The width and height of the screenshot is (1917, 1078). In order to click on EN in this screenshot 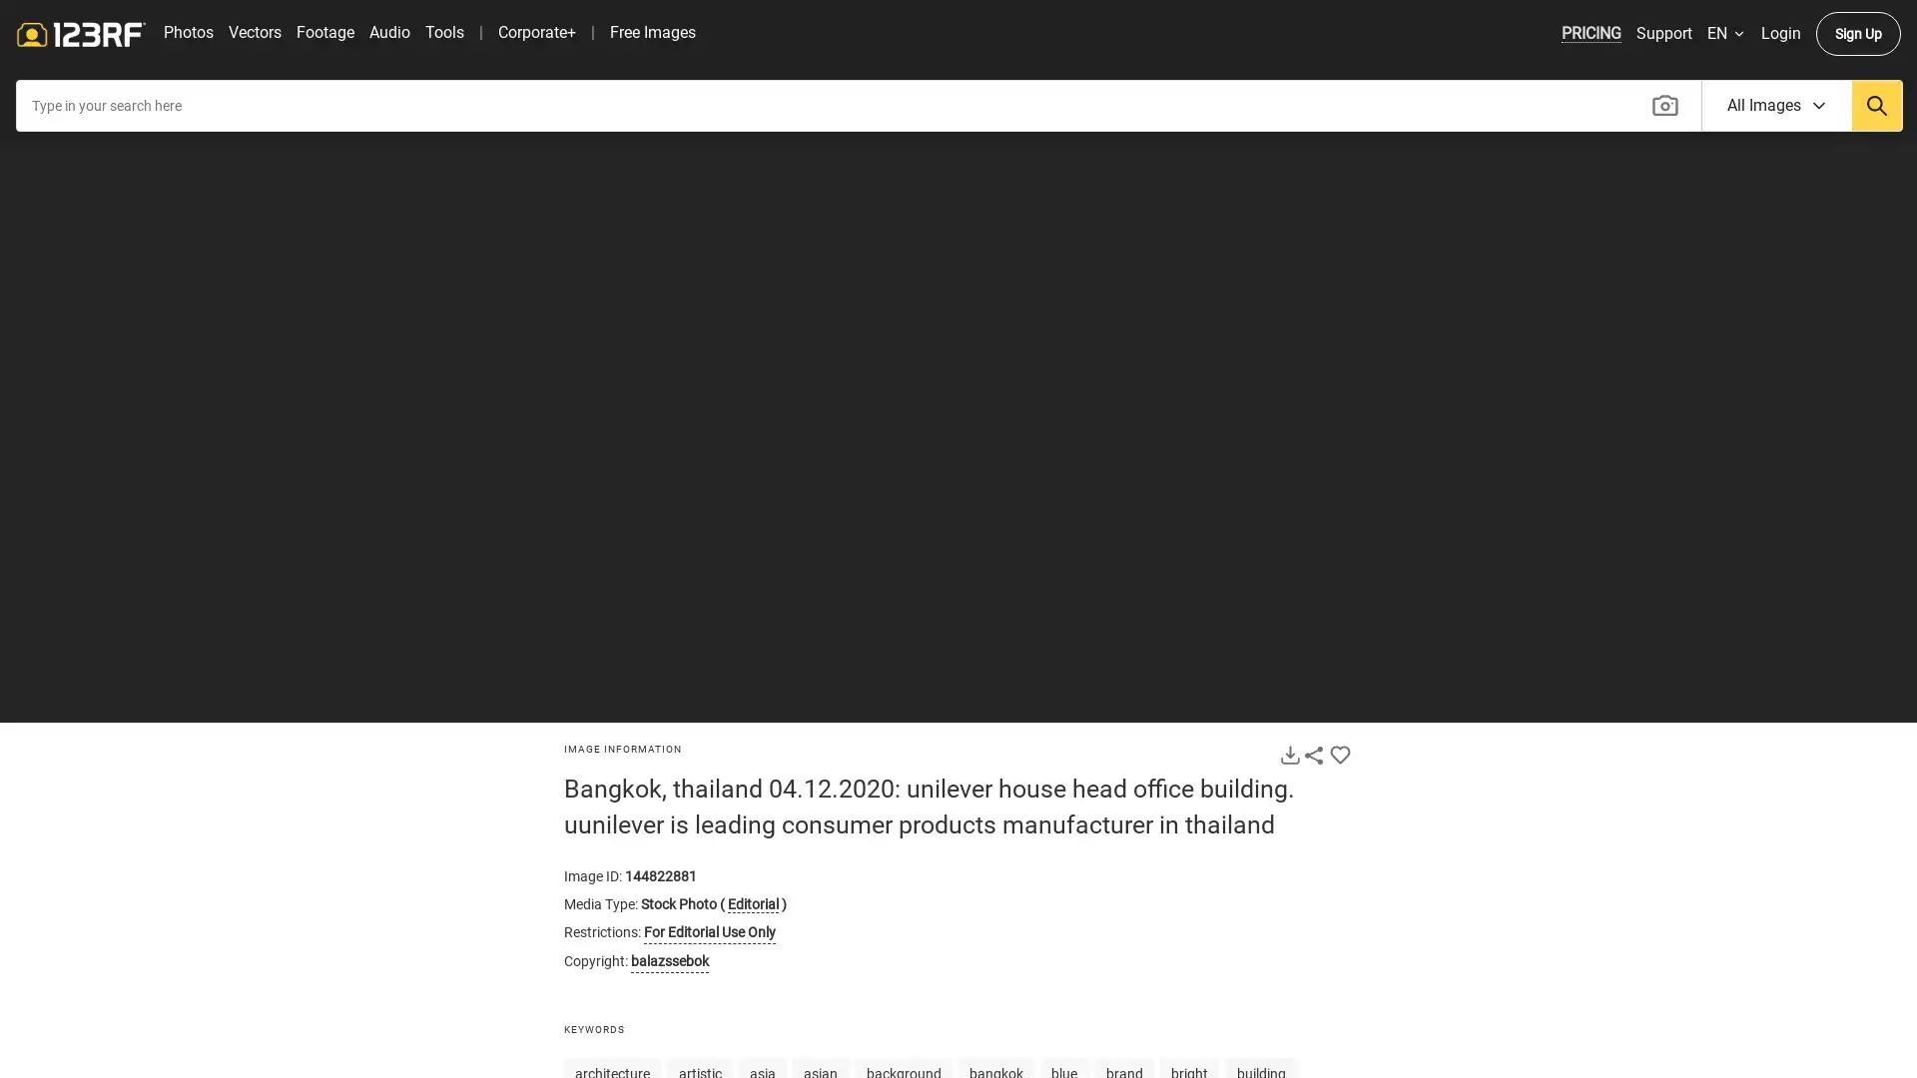, I will do `click(1724, 104)`.